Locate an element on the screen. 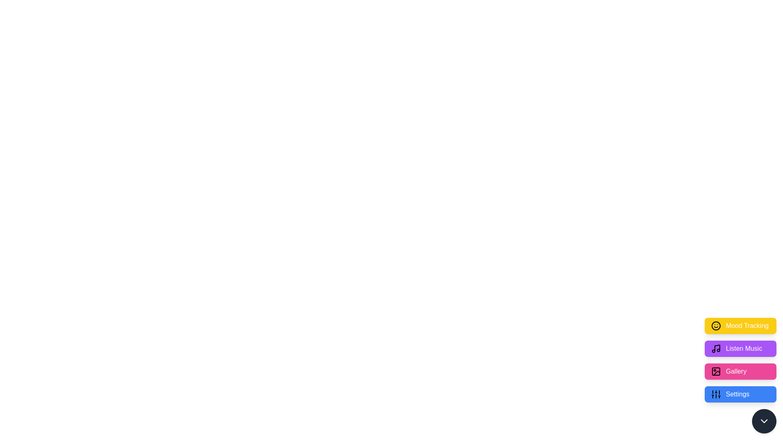 Image resolution: width=783 pixels, height=440 pixels. the 'Listen Music' button to activate the action is located at coordinates (740, 348).